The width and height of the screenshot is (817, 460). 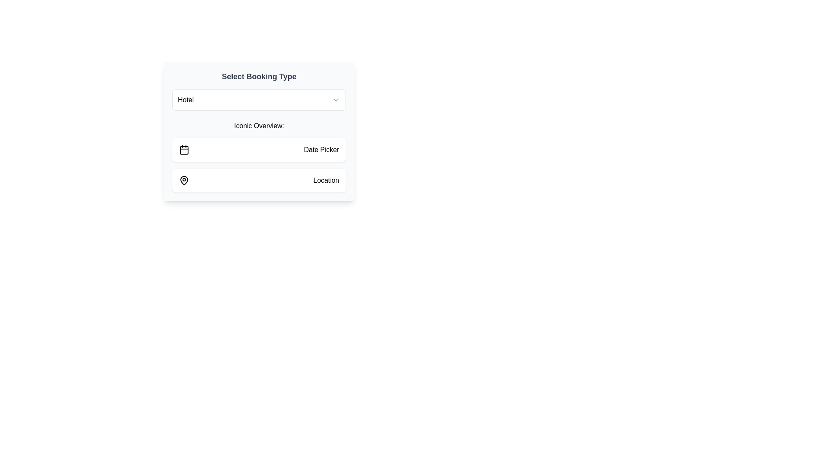 I want to click on the icons in the 'Iconic Overview:' informational panel, so click(x=259, y=156).